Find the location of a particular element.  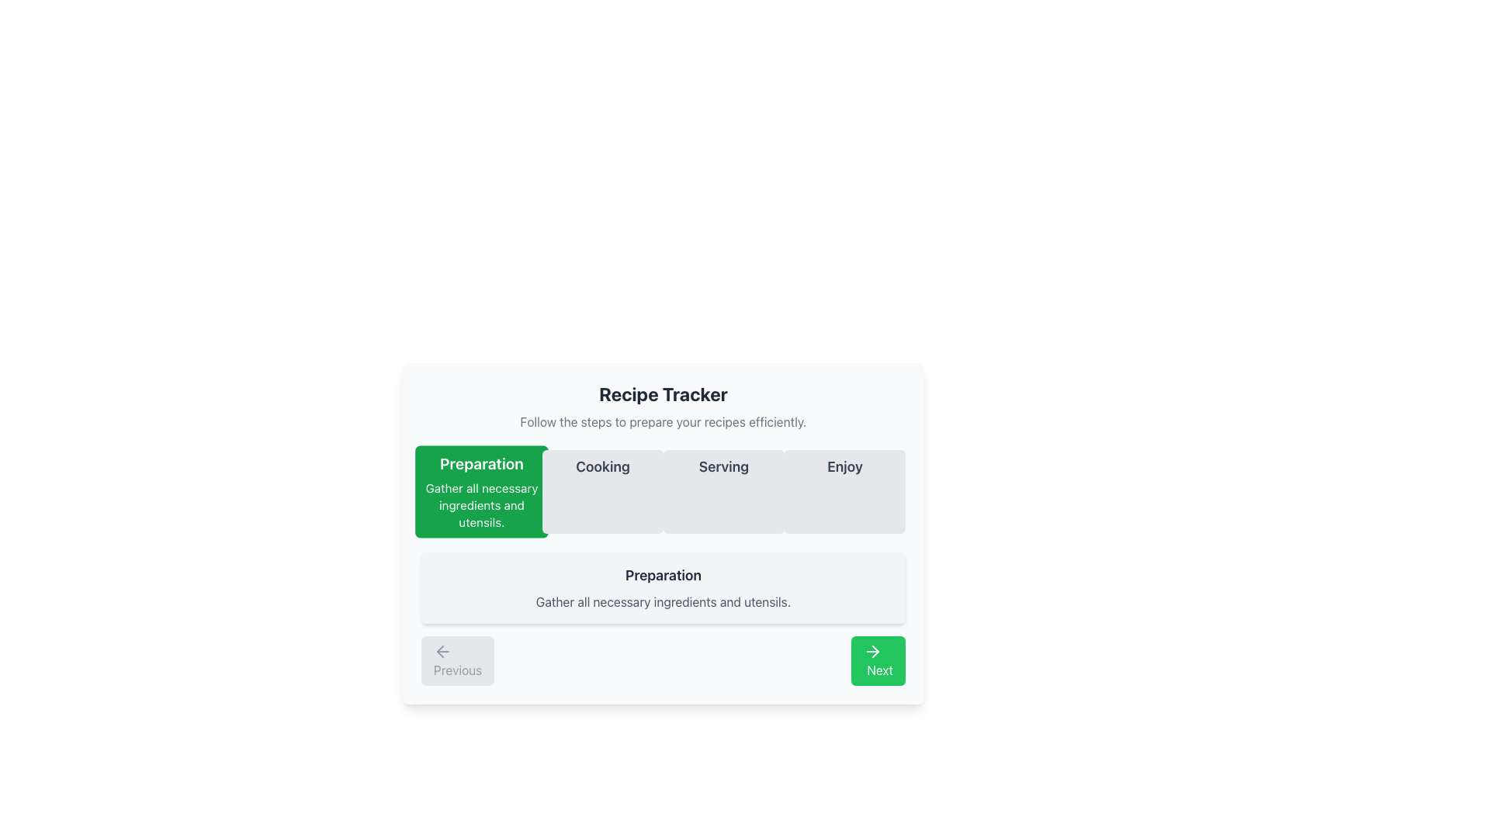

the static text displaying 'Gather all necessary ingredients and utensils.' which is located beneath the title 'Preparation' is located at coordinates (663, 601).